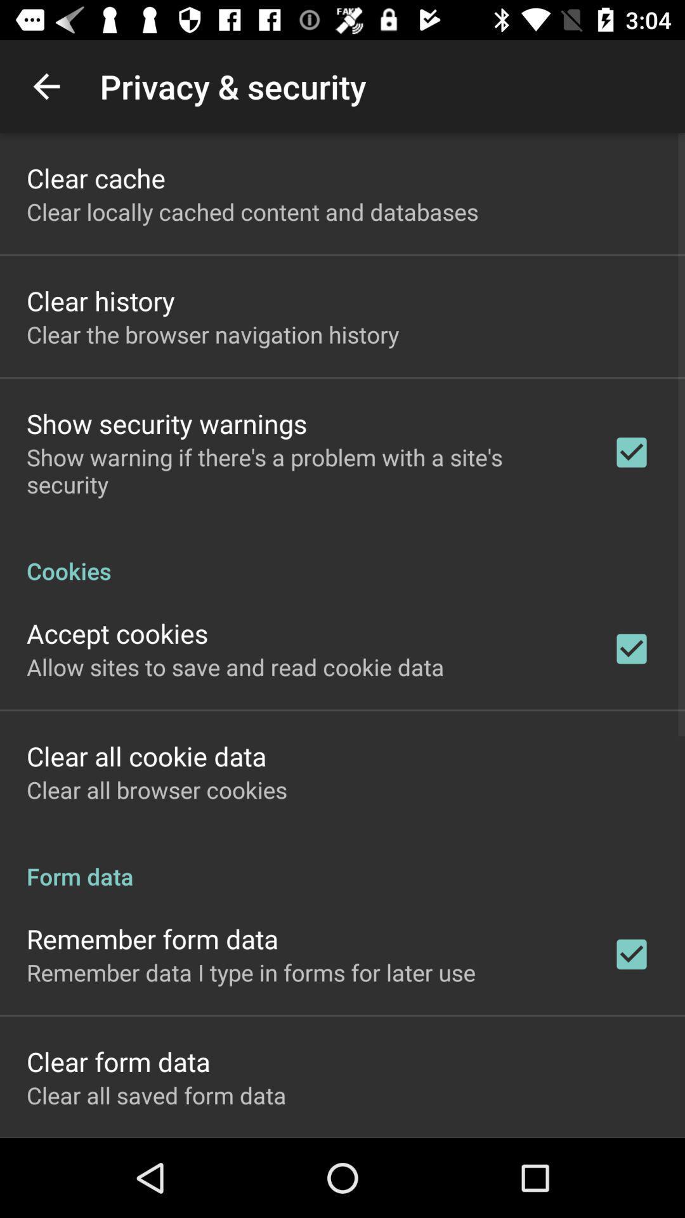  Describe the element at coordinates (117, 633) in the screenshot. I see `item above allow sites to app` at that location.